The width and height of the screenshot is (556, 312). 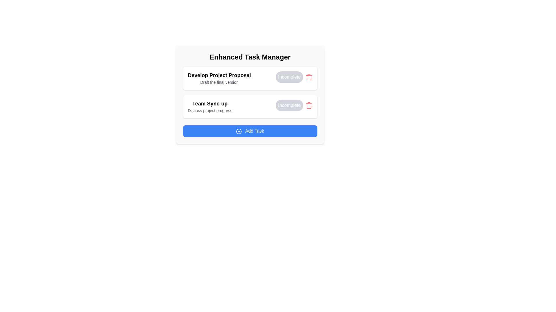 What do you see at coordinates (239, 131) in the screenshot?
I see `the SVG circle element that is part of the 'Add Task' button, which features a circular outline and a smaller inner circle filled with color` at bounding box center [239, 131].